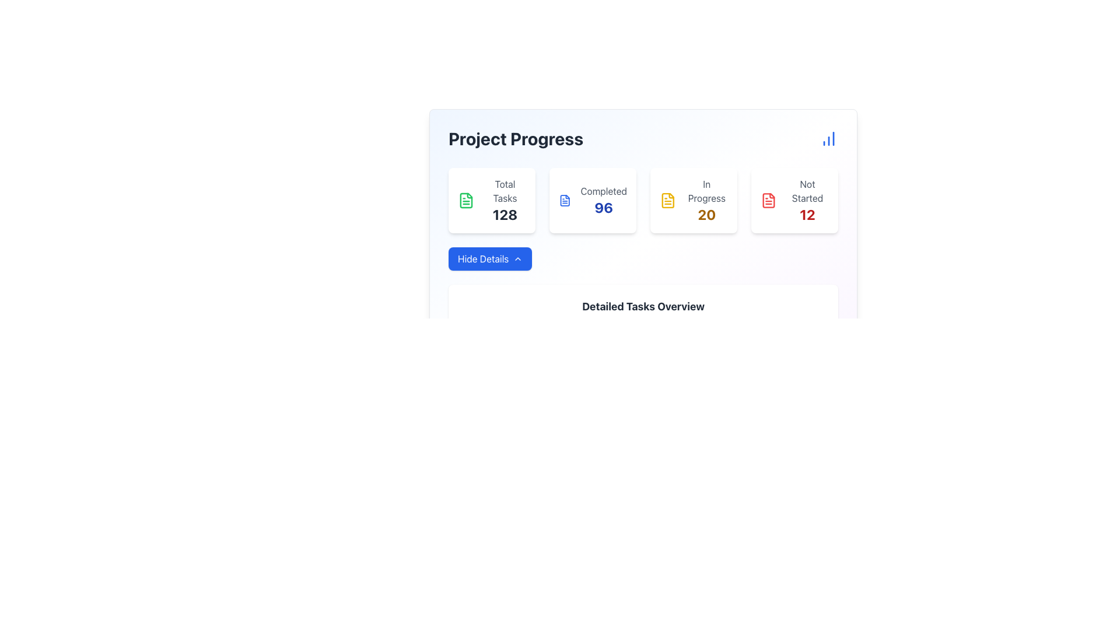  I want to click on the 'Not Started' Text Label that shows the count of tasks not started, located in the fourth grouping from the left in the project progress dashboard, so click(807, 214).